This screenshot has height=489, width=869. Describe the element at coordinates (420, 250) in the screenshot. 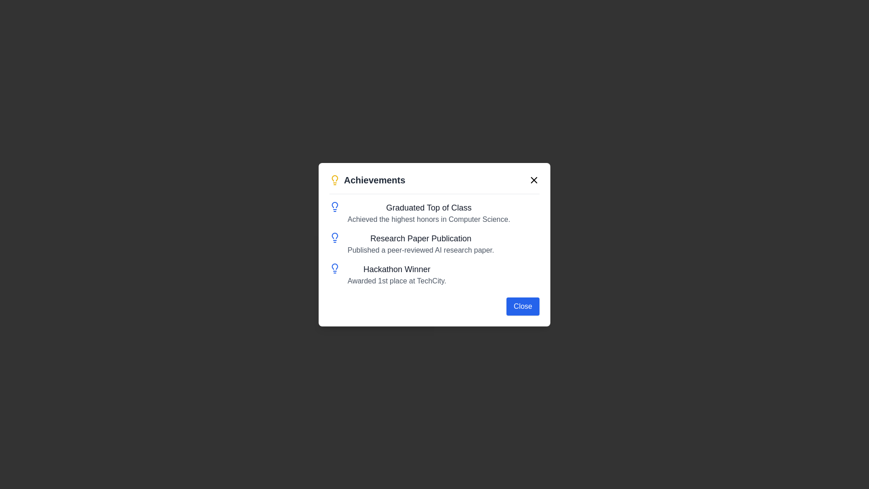

I see `the descriptive text element providing information about the achievement titled 'Research Paper Publication' located inside the 'Achievements' modal dialog box` at that location.